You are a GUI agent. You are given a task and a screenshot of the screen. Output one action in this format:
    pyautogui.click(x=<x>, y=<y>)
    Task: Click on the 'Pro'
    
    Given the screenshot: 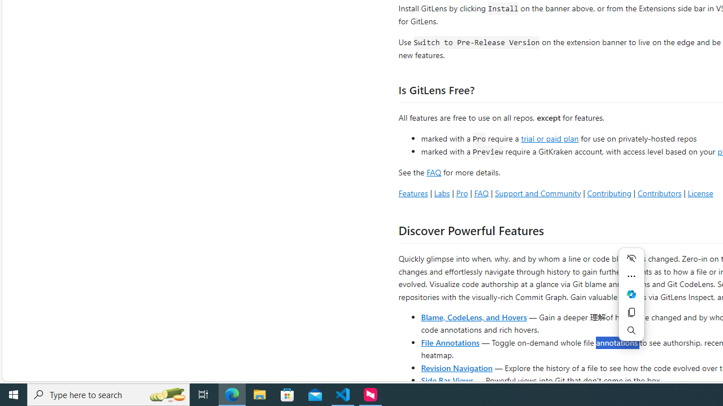 What is the action you would take?
    pyautogui.click(x=461, y=192)
    